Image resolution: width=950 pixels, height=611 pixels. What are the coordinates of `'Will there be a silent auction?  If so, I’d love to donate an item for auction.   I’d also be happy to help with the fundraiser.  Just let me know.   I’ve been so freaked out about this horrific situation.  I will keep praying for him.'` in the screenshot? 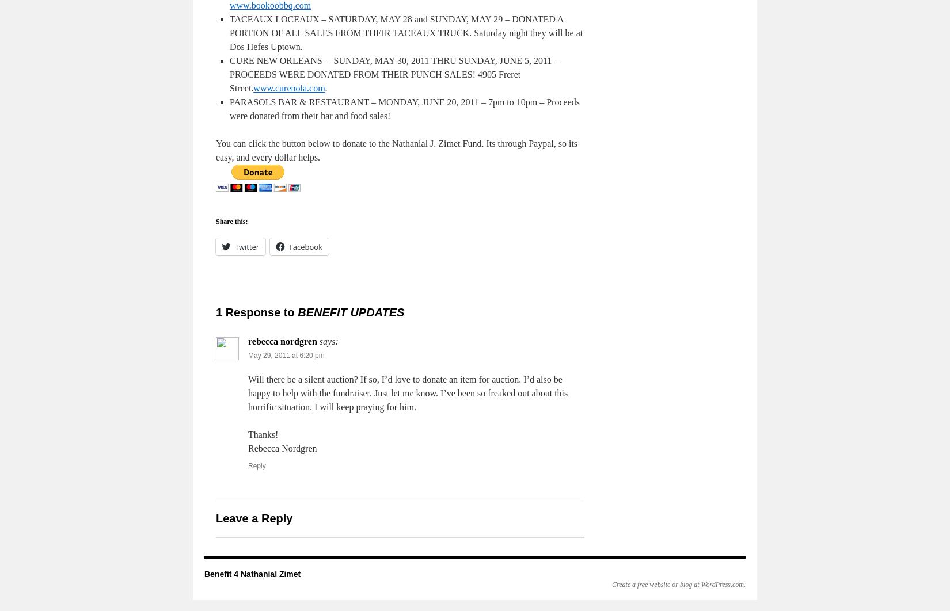 It's located at (407, 393).